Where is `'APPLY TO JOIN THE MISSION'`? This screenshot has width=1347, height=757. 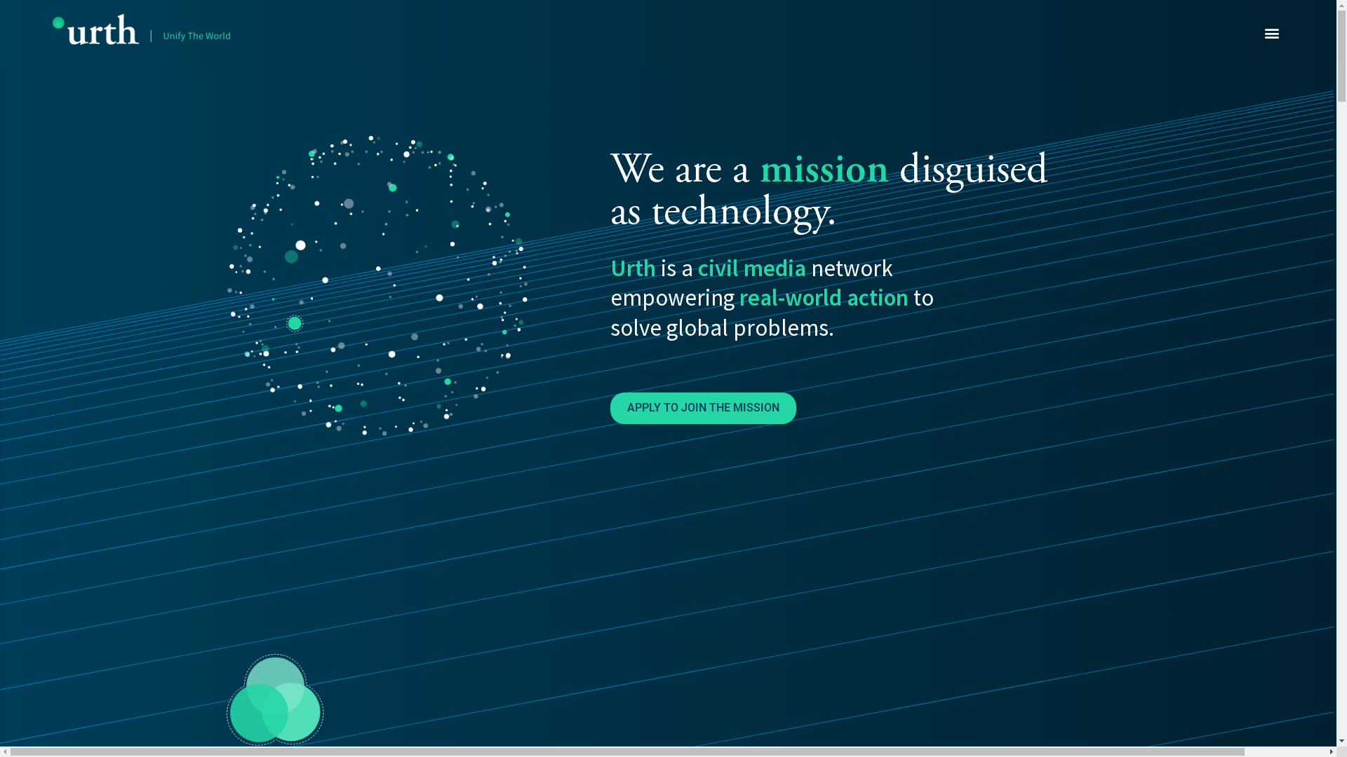 'APPLY TO JOIN THE MISSION' is located at coordinates (703, 408).